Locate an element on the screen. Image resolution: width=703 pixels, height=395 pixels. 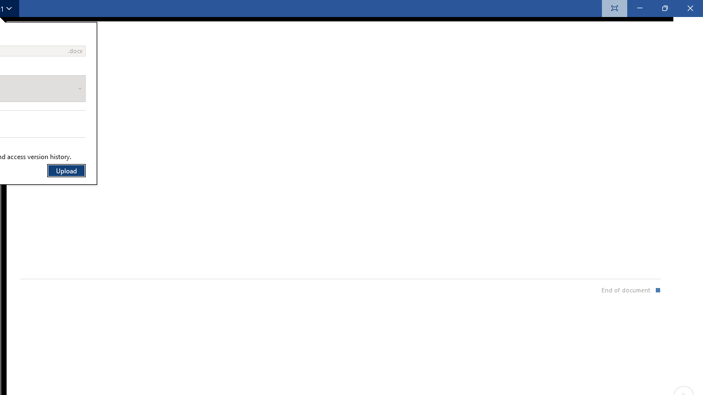
'Always Show Reading Toolbar' is located at coordinates (613, 8).